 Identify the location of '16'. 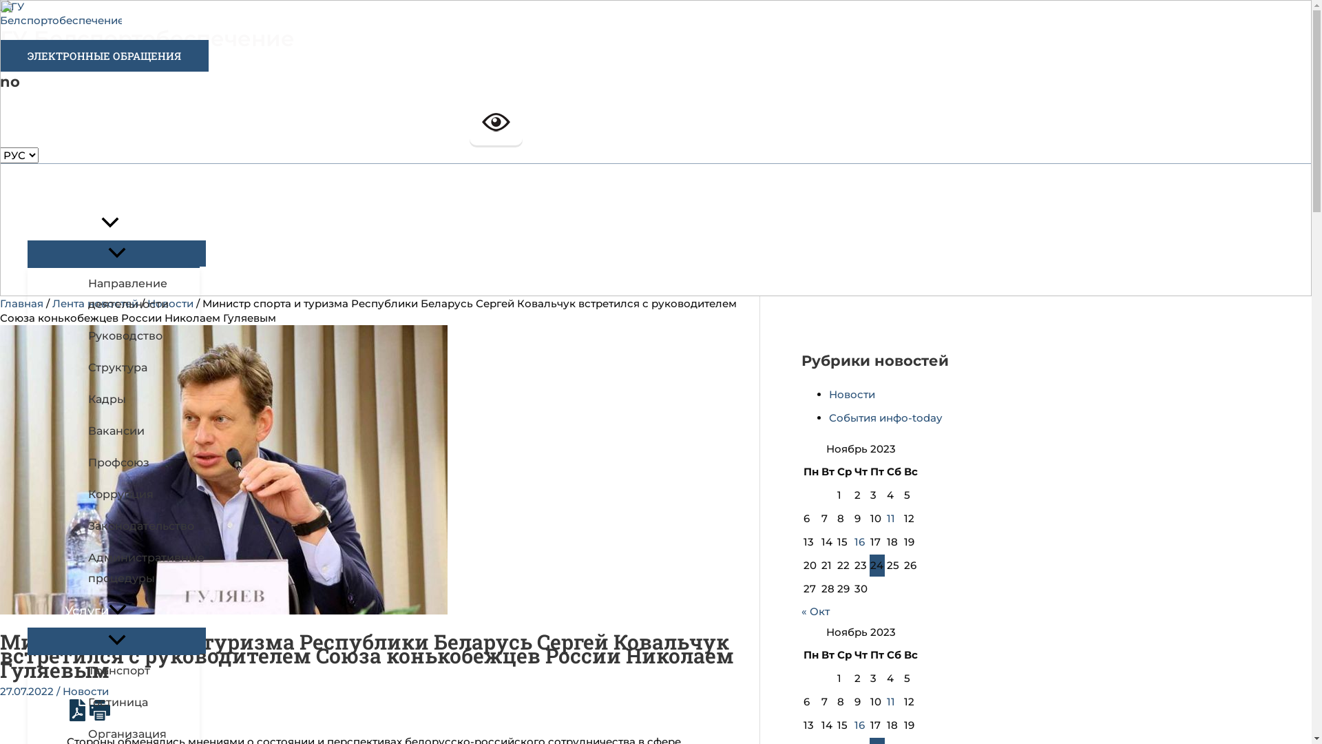
(859, 541).